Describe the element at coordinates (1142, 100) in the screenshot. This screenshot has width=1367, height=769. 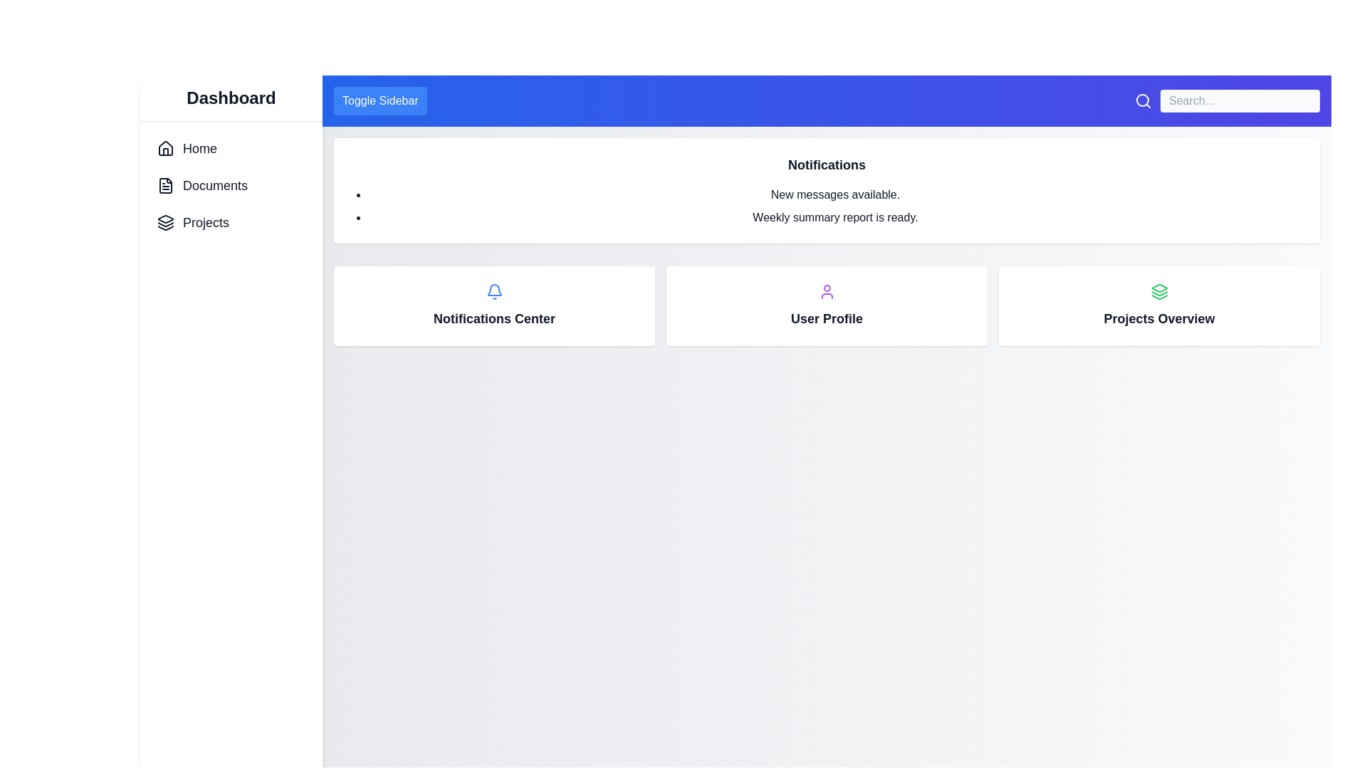
I see `the Decorative SVG Element (Circle) that is part of a magnifying glass icon located at the top-right corner of the interface near the search bar` at that location.